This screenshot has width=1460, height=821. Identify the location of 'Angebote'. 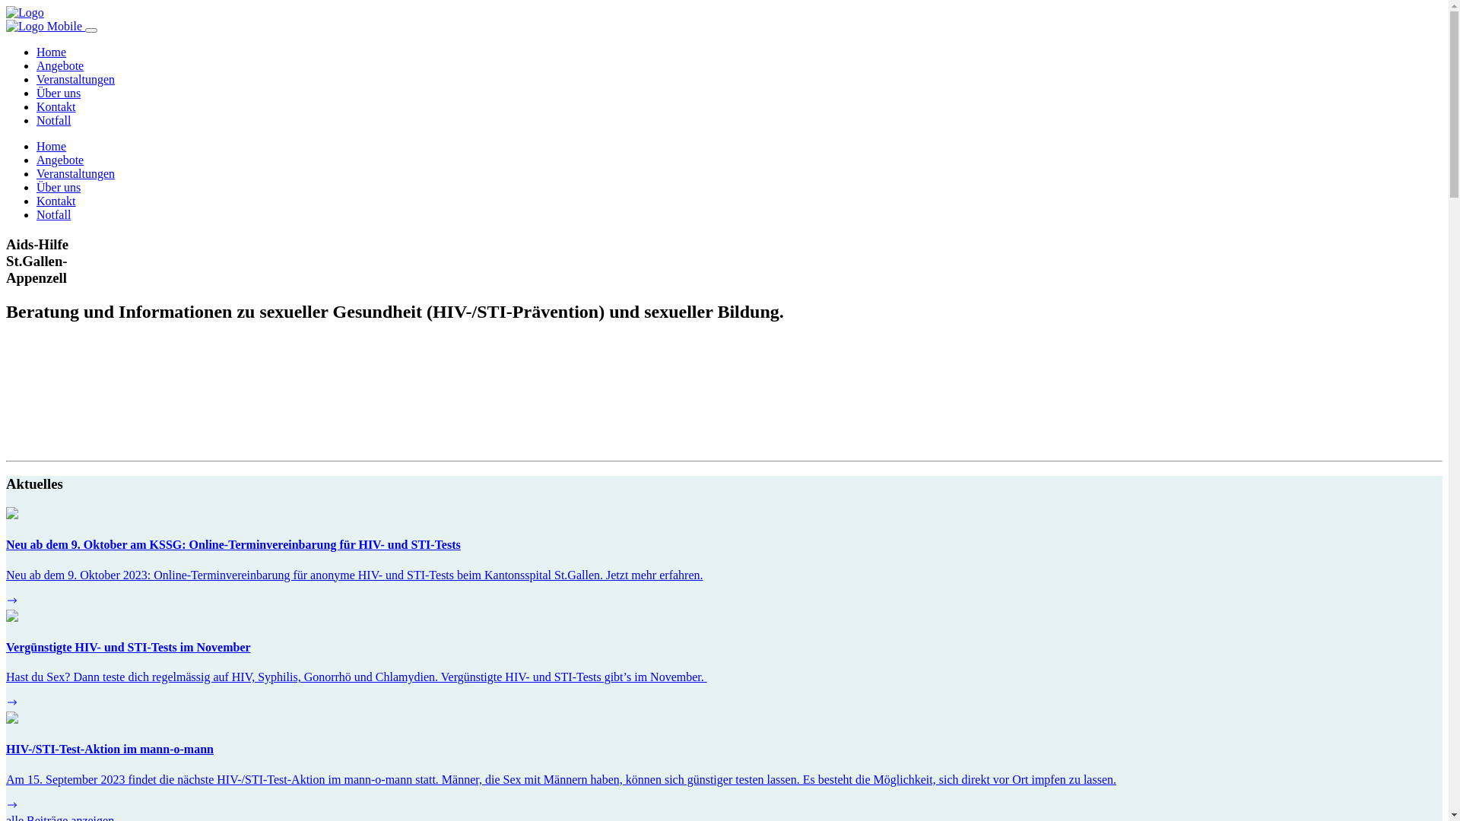
(59, 65).